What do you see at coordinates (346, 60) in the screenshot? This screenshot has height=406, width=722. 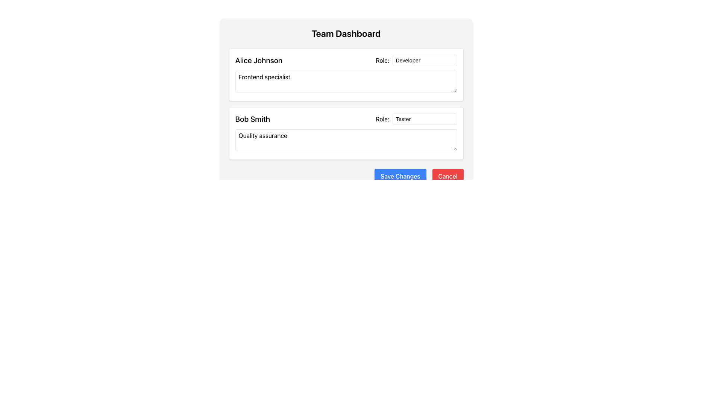 I see `the name 'Alice Johnson' in the Composite layout to highlight it` at bounding box center [346, 60].